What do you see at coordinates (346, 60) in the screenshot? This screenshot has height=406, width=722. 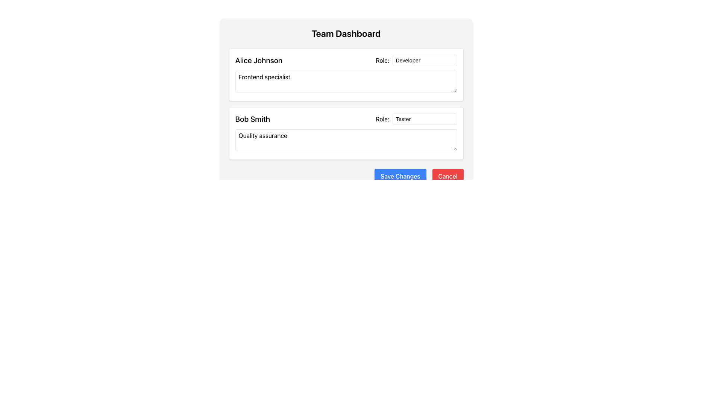 I see `the name 'Alice Johnson' in the Composite layout to highlight it` at bounding box center [346, 60].